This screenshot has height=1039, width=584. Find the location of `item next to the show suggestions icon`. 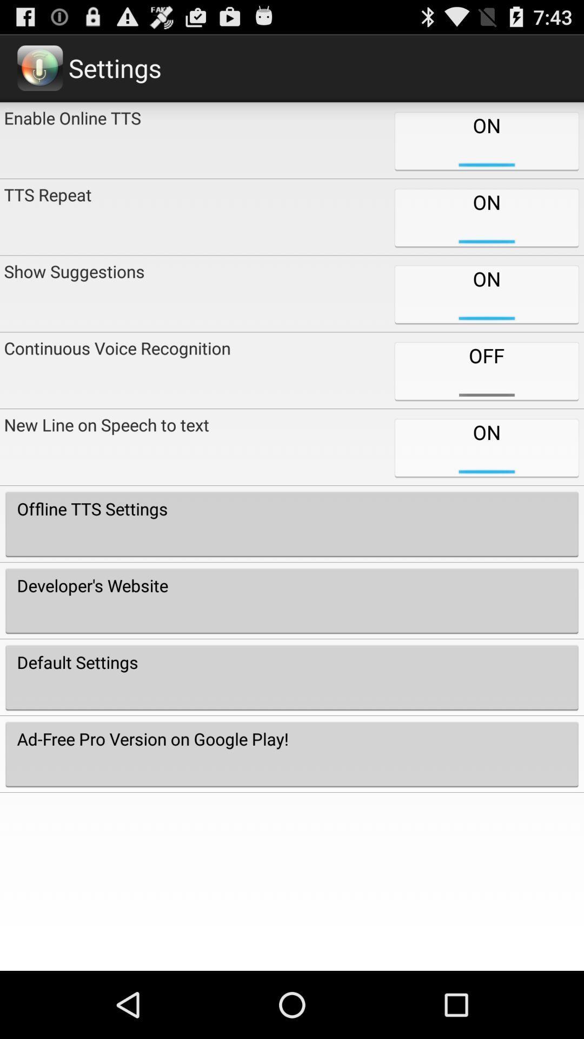

item next to the show suggestions icon is located at coordinates (486, 371).